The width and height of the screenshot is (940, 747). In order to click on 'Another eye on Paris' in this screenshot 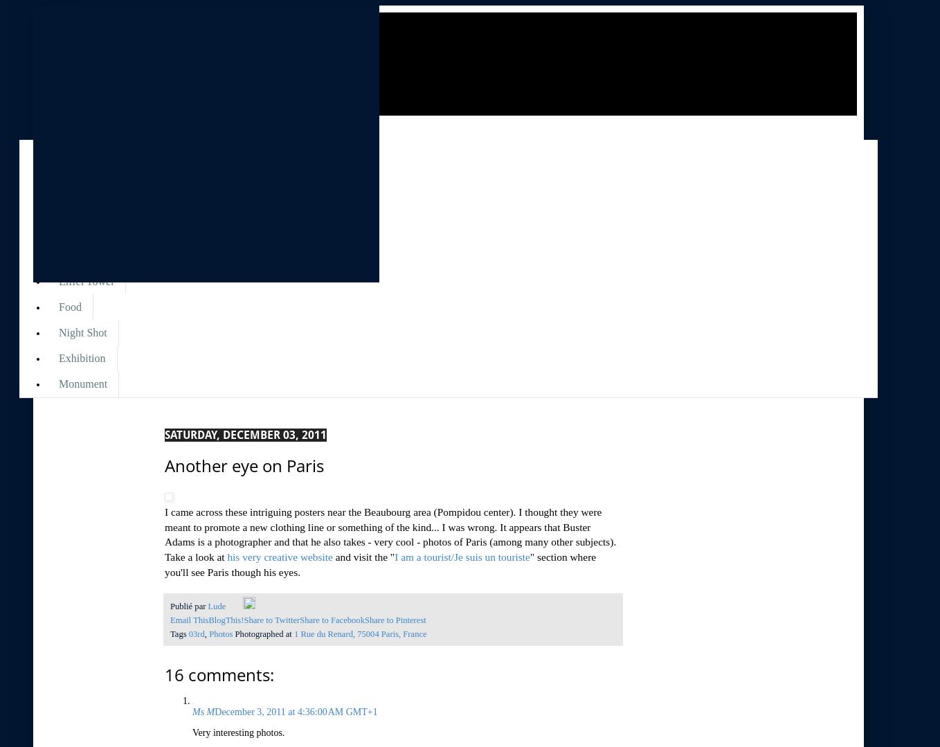, I will do `click(164, 465)`.